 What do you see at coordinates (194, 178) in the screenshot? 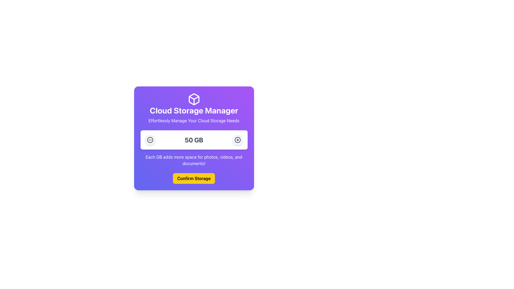
I see `the confirm button located at the bottom of the card that finalizes the user's choice related to cloud storage` at bounding box center [194, 178].